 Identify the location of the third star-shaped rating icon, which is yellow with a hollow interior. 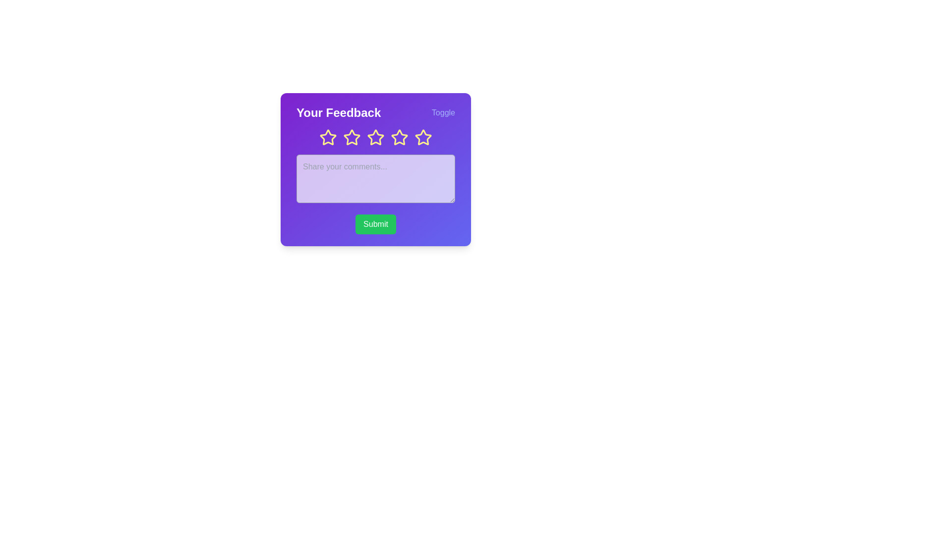
(375, 137).